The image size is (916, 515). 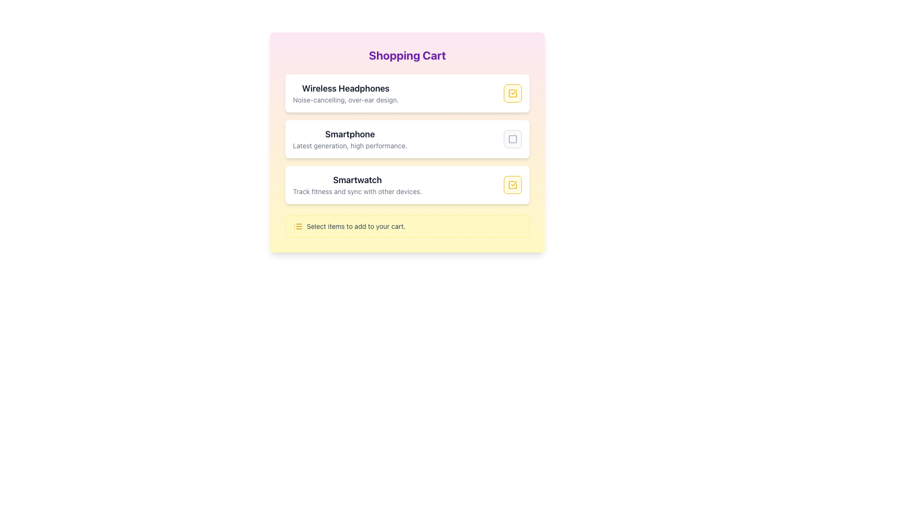 What do you see at coordinates (357, 191) in the screenshot?
I see `the text label displaying 'Track fitness and sync with other devices.' located below the heading 'Smartwatch' in the Shopping Cart section` at bounding box center [357, 191].